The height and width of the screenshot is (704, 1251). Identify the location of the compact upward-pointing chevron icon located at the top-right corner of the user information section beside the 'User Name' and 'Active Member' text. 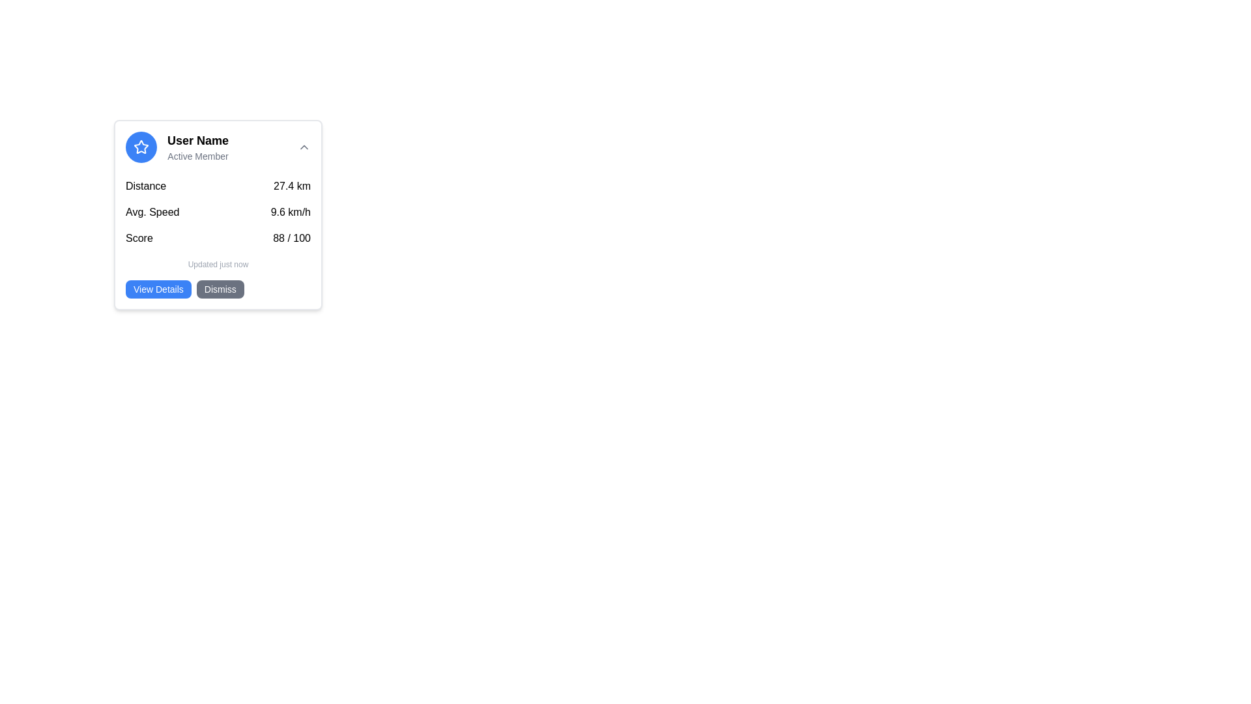
(303, 147).